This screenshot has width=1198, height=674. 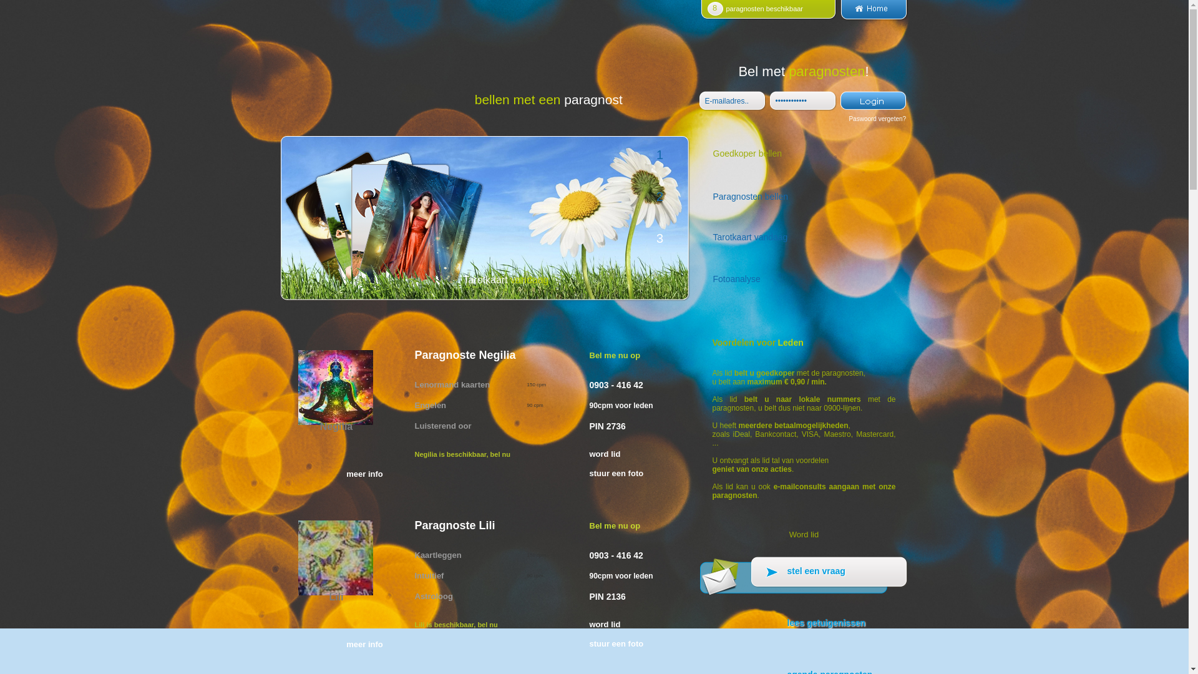 I want to click on '8 paragnosten beschikbaar - bekijk ze allemaal', so click(x=768, y=17).